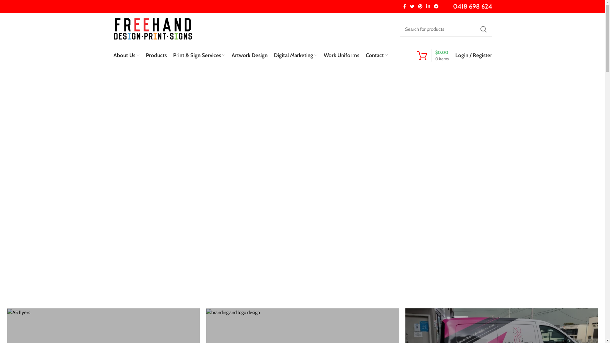  Describe the element at coordinates (295, 55) in the screenshot. I see `'Digital Marketing'` at that location.